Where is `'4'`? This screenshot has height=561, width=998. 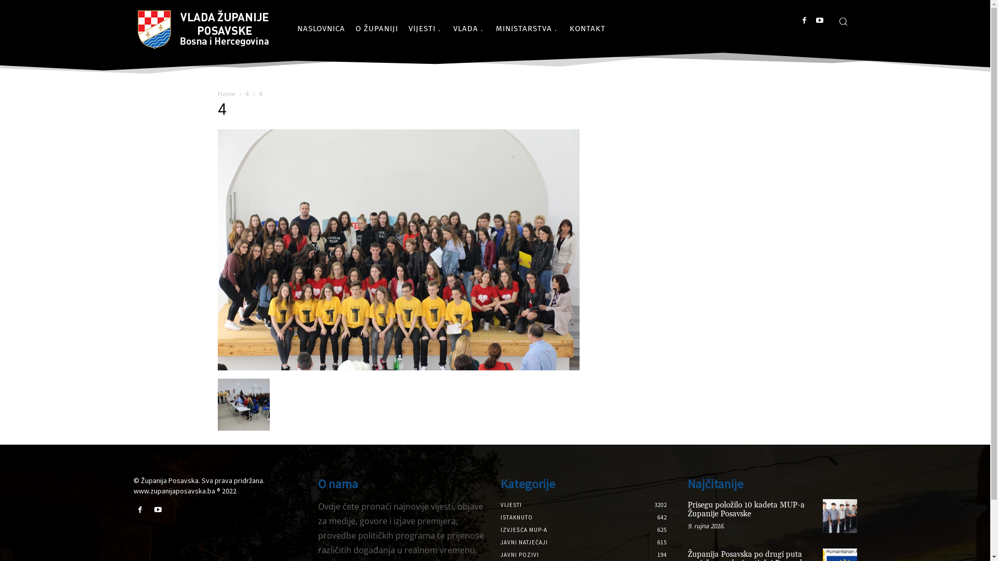 '4' is located at coordinates (246, 94).